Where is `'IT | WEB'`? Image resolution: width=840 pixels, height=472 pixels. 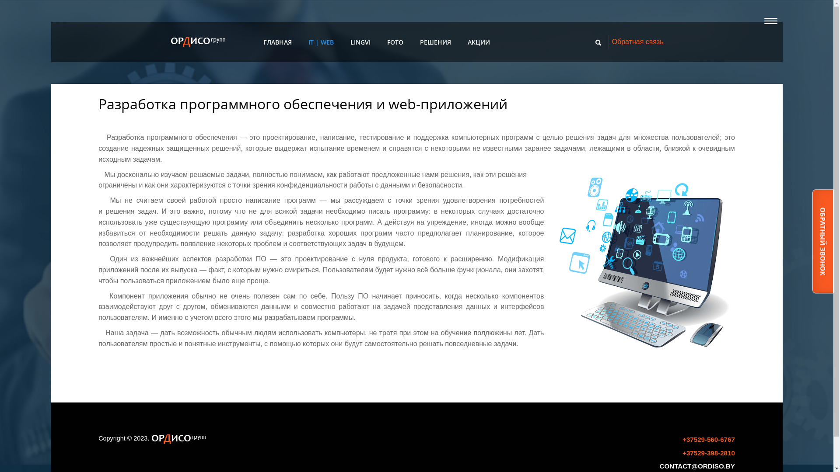
'IT | WEB' is located at coordinates (308, 42).